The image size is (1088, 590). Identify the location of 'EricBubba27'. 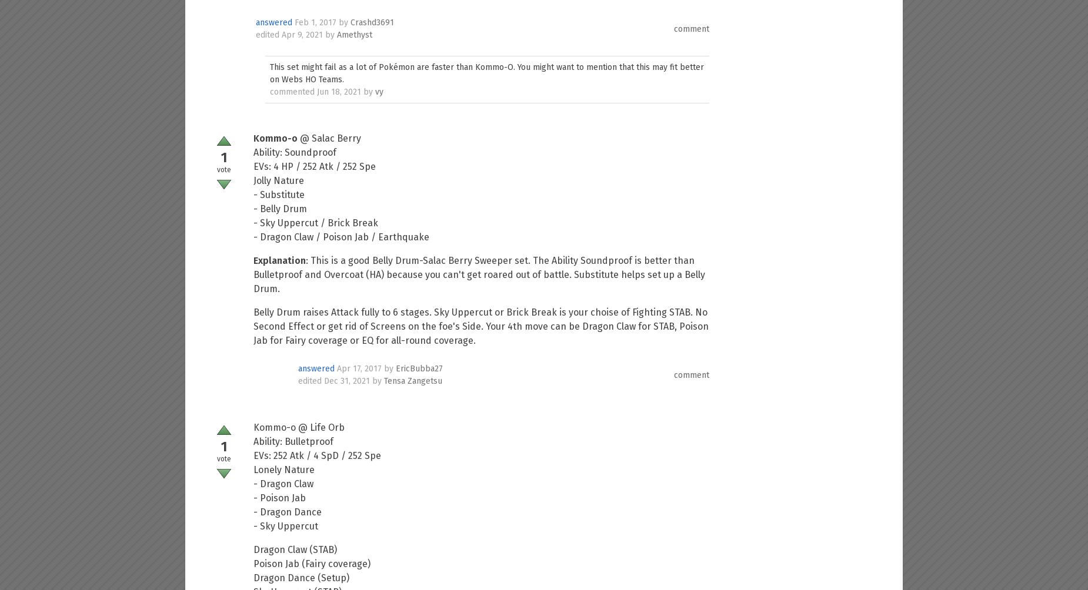
(419, 368).